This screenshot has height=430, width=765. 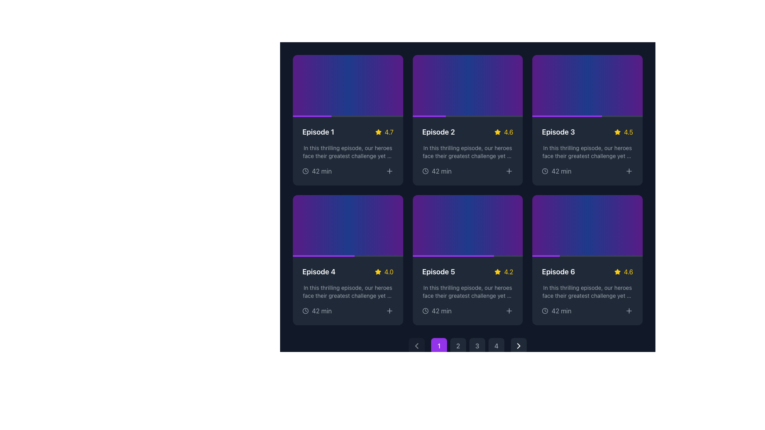 What do you see at coordinates (348, 260) in the screenshot?
I see `the episode card component, which displays the episode title, rating, description, and duration, located in the fourth position of a grid layout` at bounding box center [348, 260].